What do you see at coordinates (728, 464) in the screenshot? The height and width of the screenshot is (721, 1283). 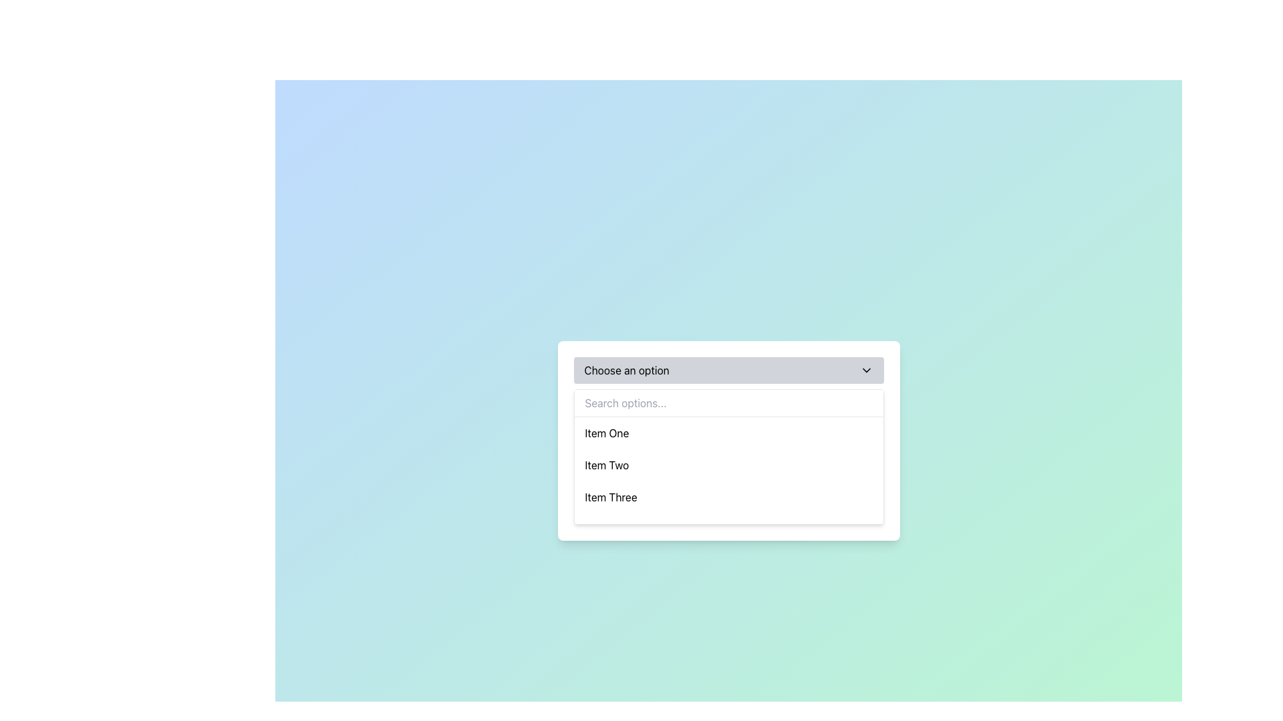 I see `to select the dropdown menu item labeled 'Item Two', which is the second item in the list beneath 'Item One' and above 'Item Three'` at bounding box center [728, 464].